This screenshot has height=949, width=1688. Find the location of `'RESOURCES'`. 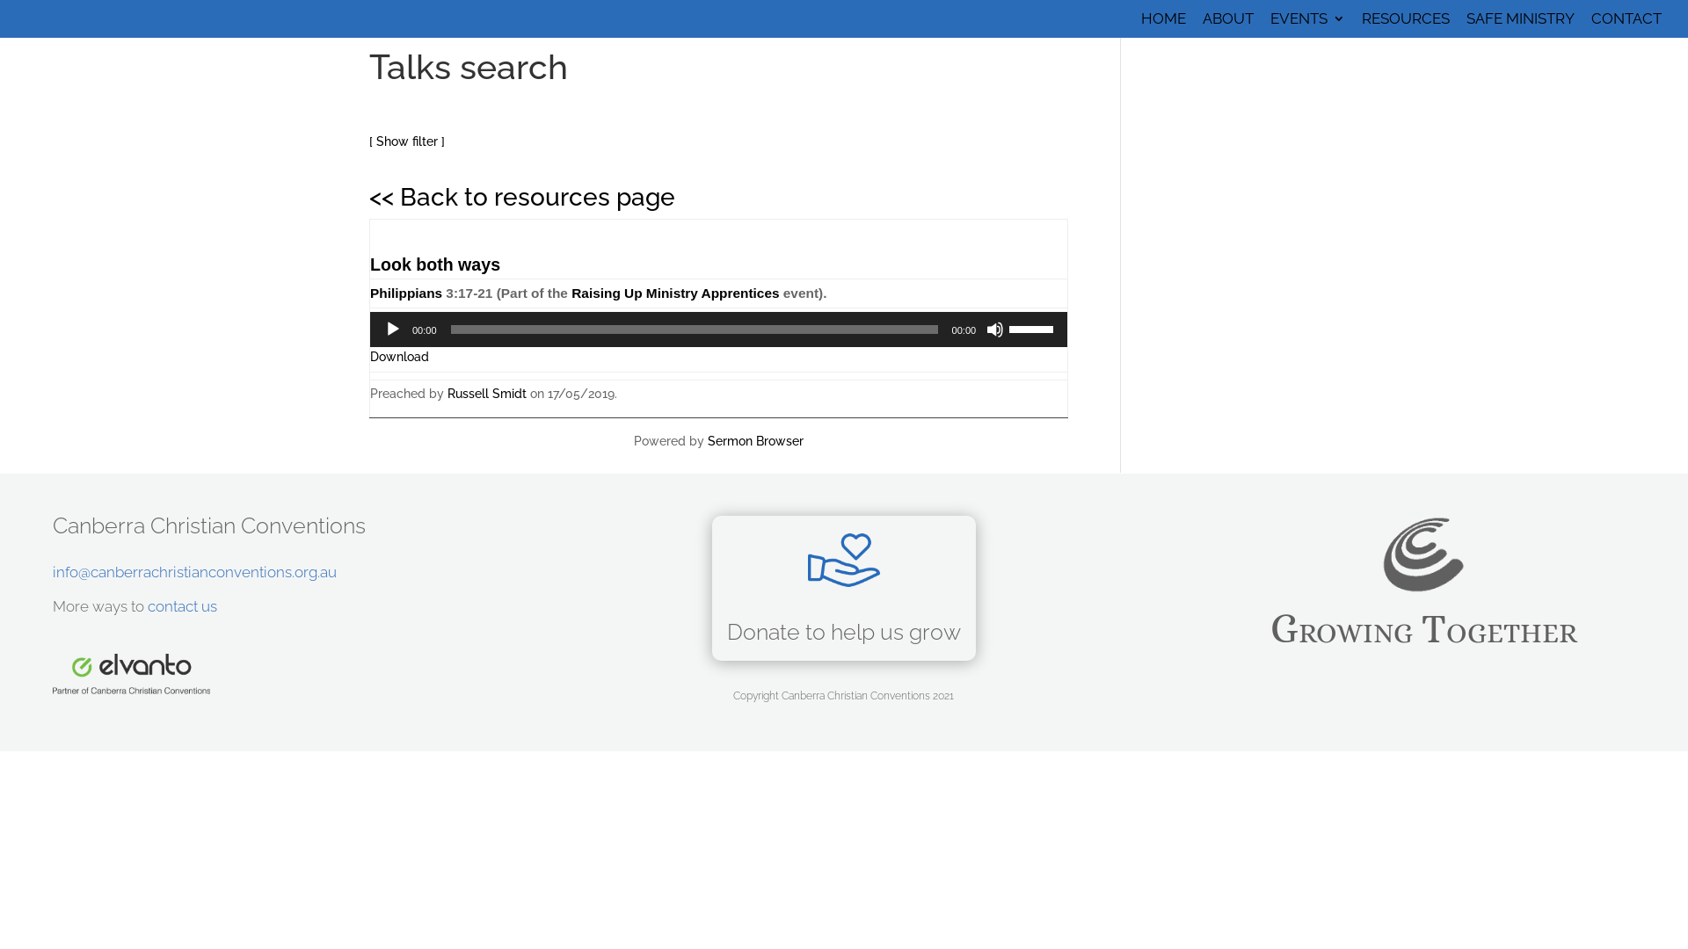

'RESOURCES' is located at coordinates (1404, 24).